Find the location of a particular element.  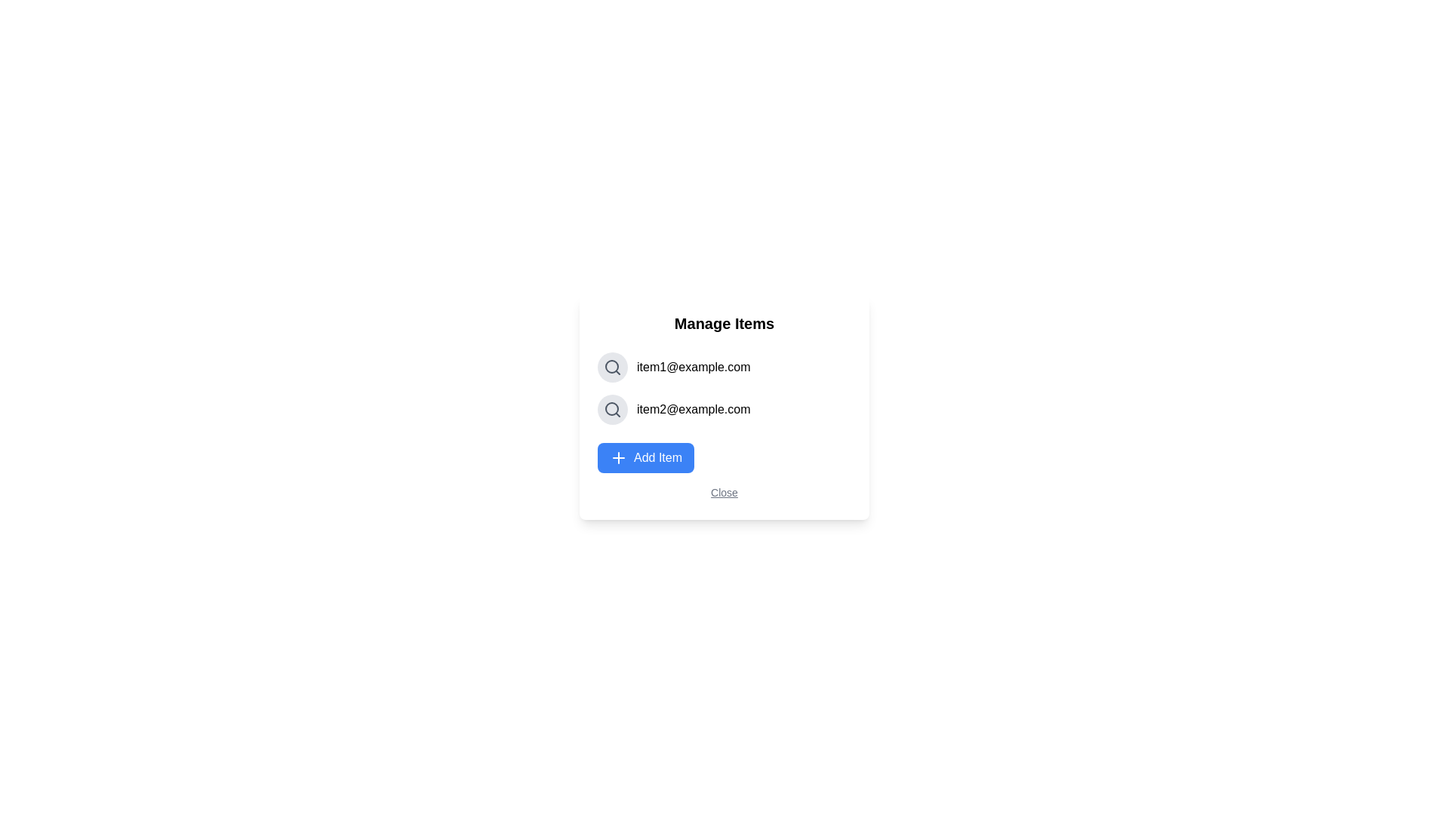

the 'Add Item' button is located at coordinates (645, 457).